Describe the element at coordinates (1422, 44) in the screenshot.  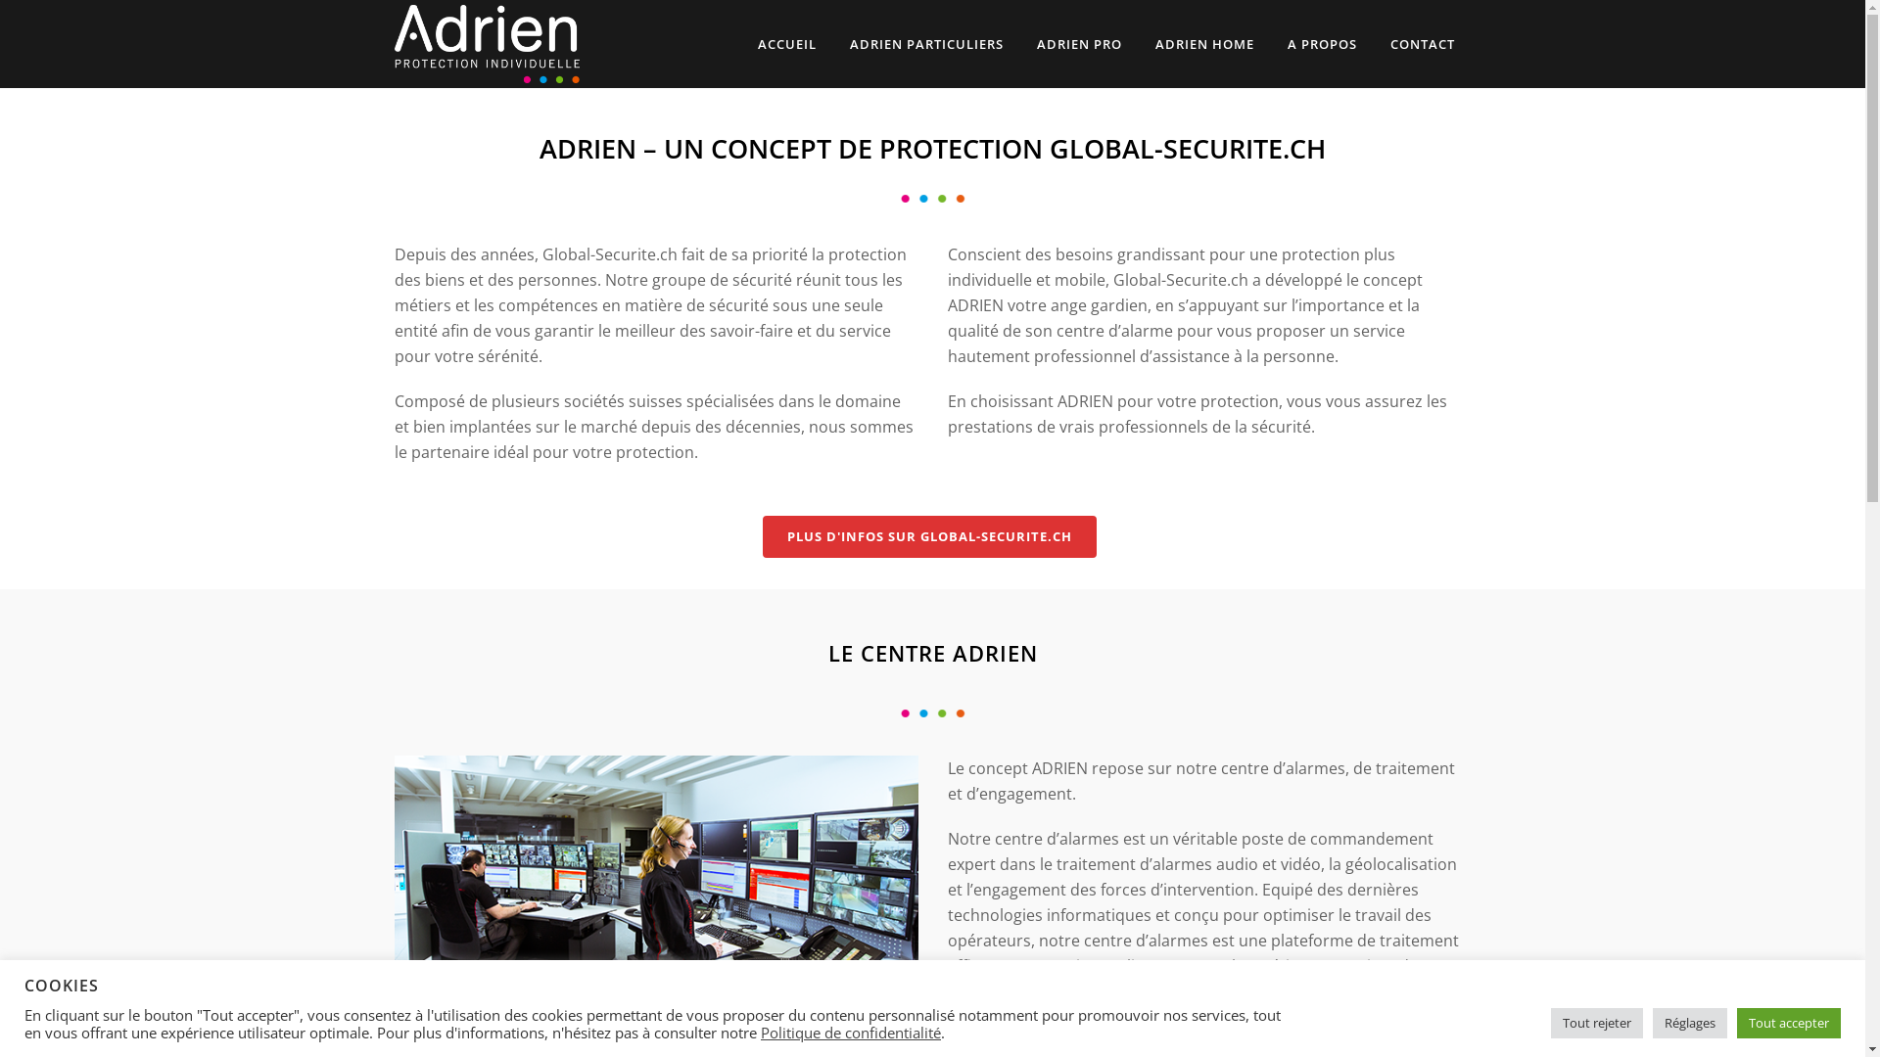
I see `'CONTACT'` at that location.